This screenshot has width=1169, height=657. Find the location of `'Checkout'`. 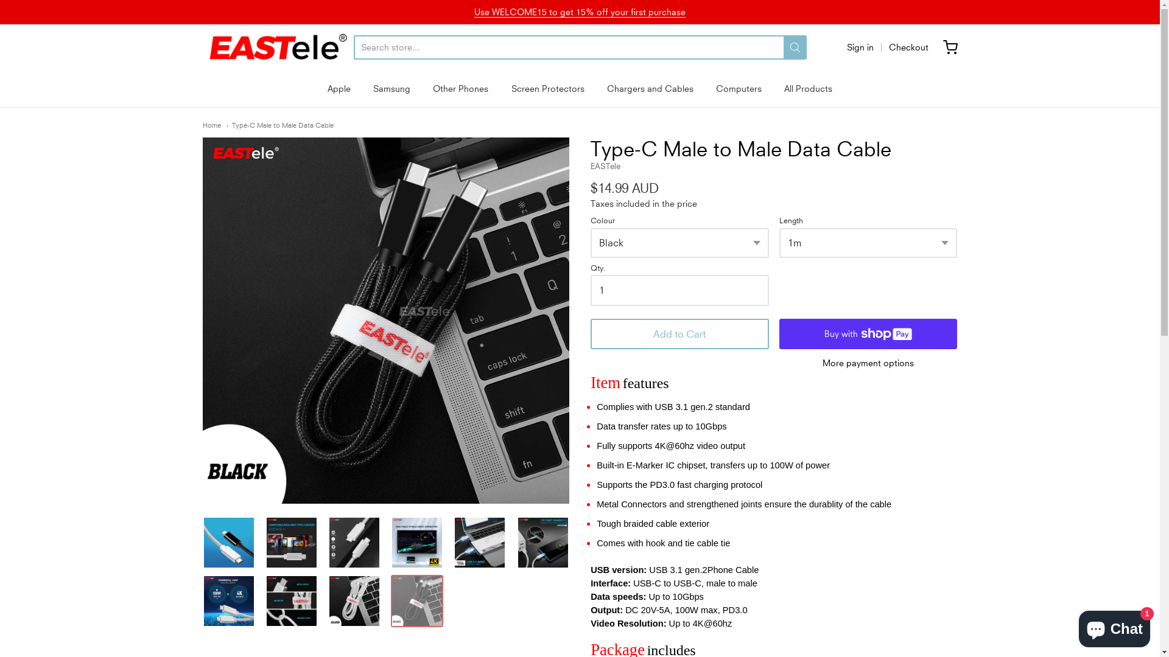

'Checkout' is located at coordinates (908, 46).